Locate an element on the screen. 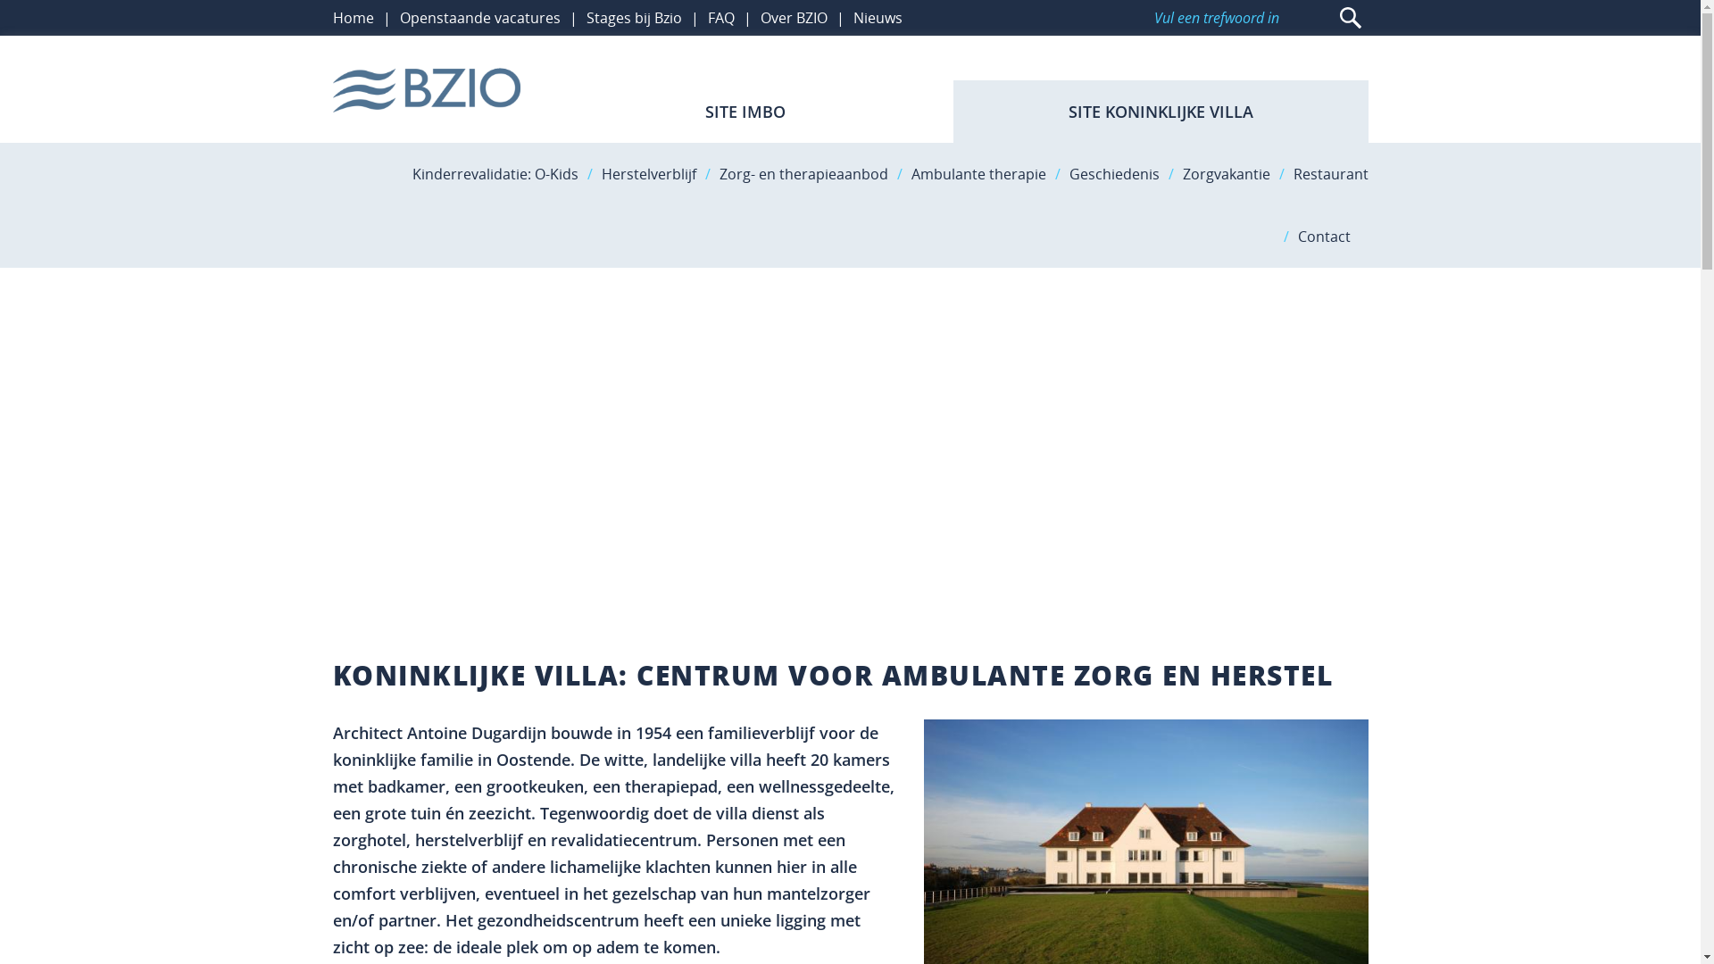  'Zorg- en therapieaanbod' is located at coordinates (803, 174).